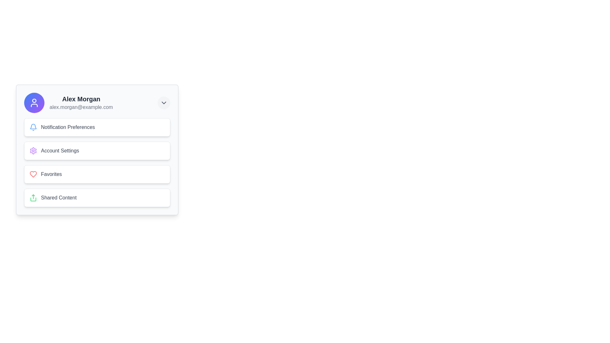  Describe the element at coordinates (97, 103) in the screenshot. I see `user details displayed in the Profile header component, which includes the avatar of Alex Morgan and the associated email address` at that location.